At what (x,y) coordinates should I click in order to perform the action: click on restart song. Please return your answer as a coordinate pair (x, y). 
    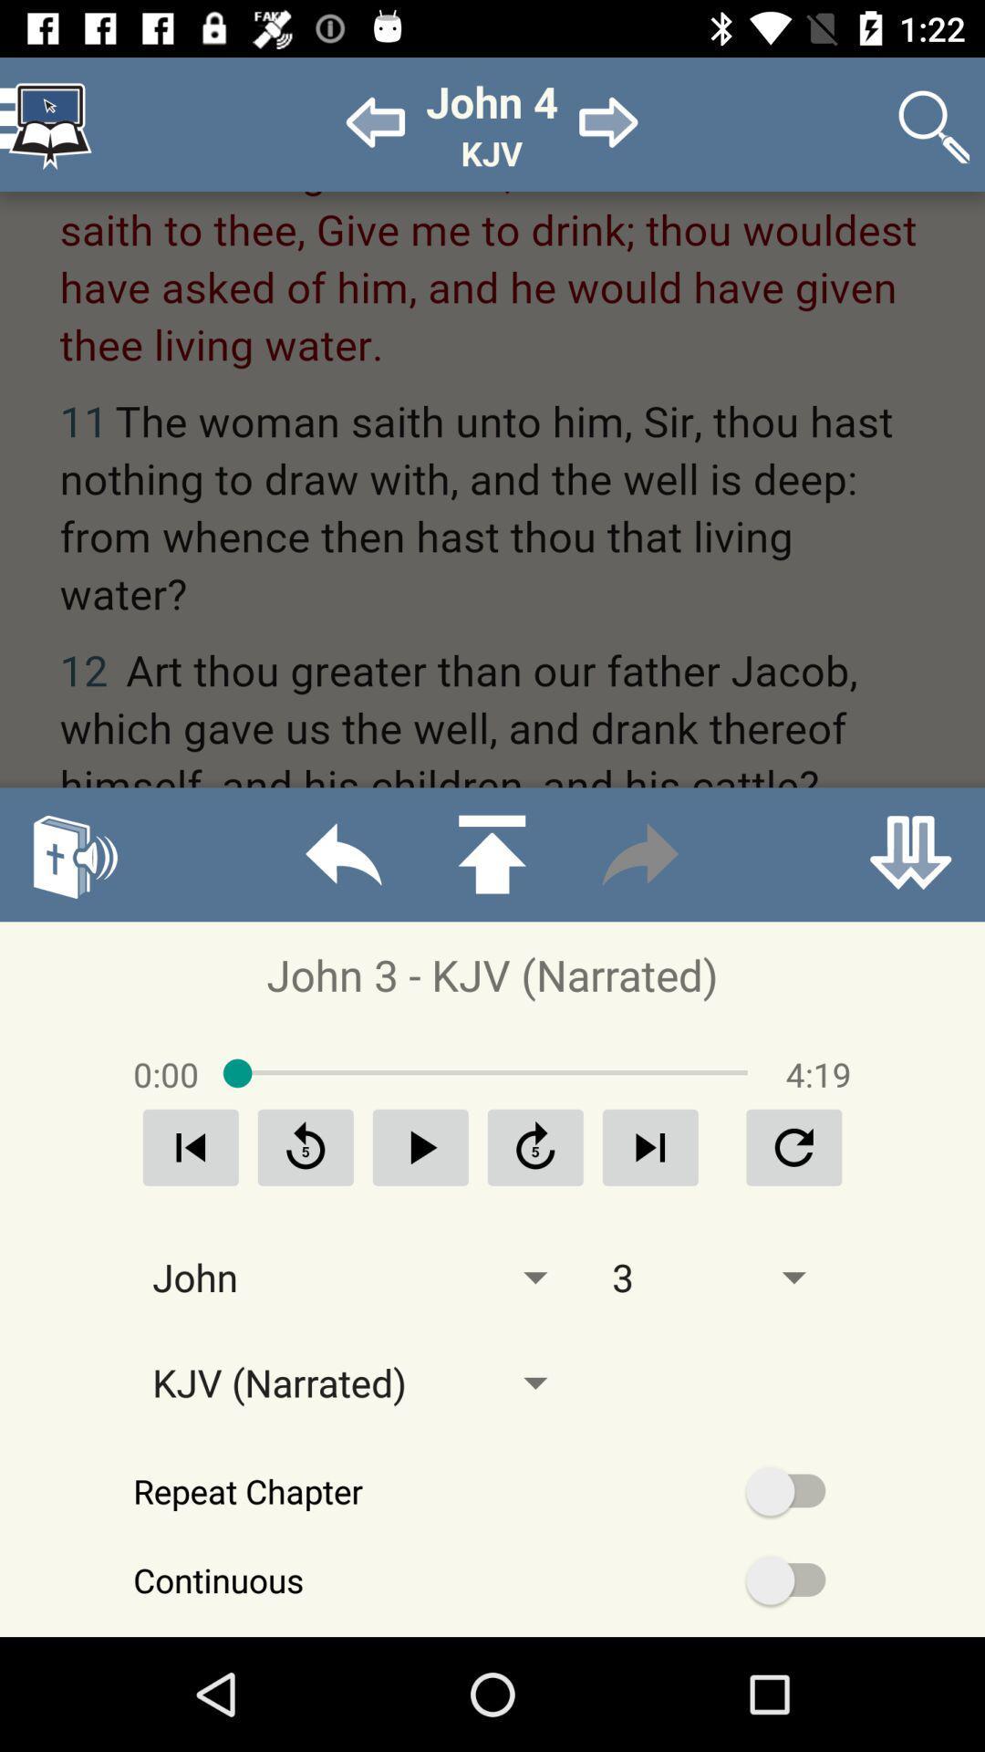
    Looking at the image, I should click on (191, 1146).